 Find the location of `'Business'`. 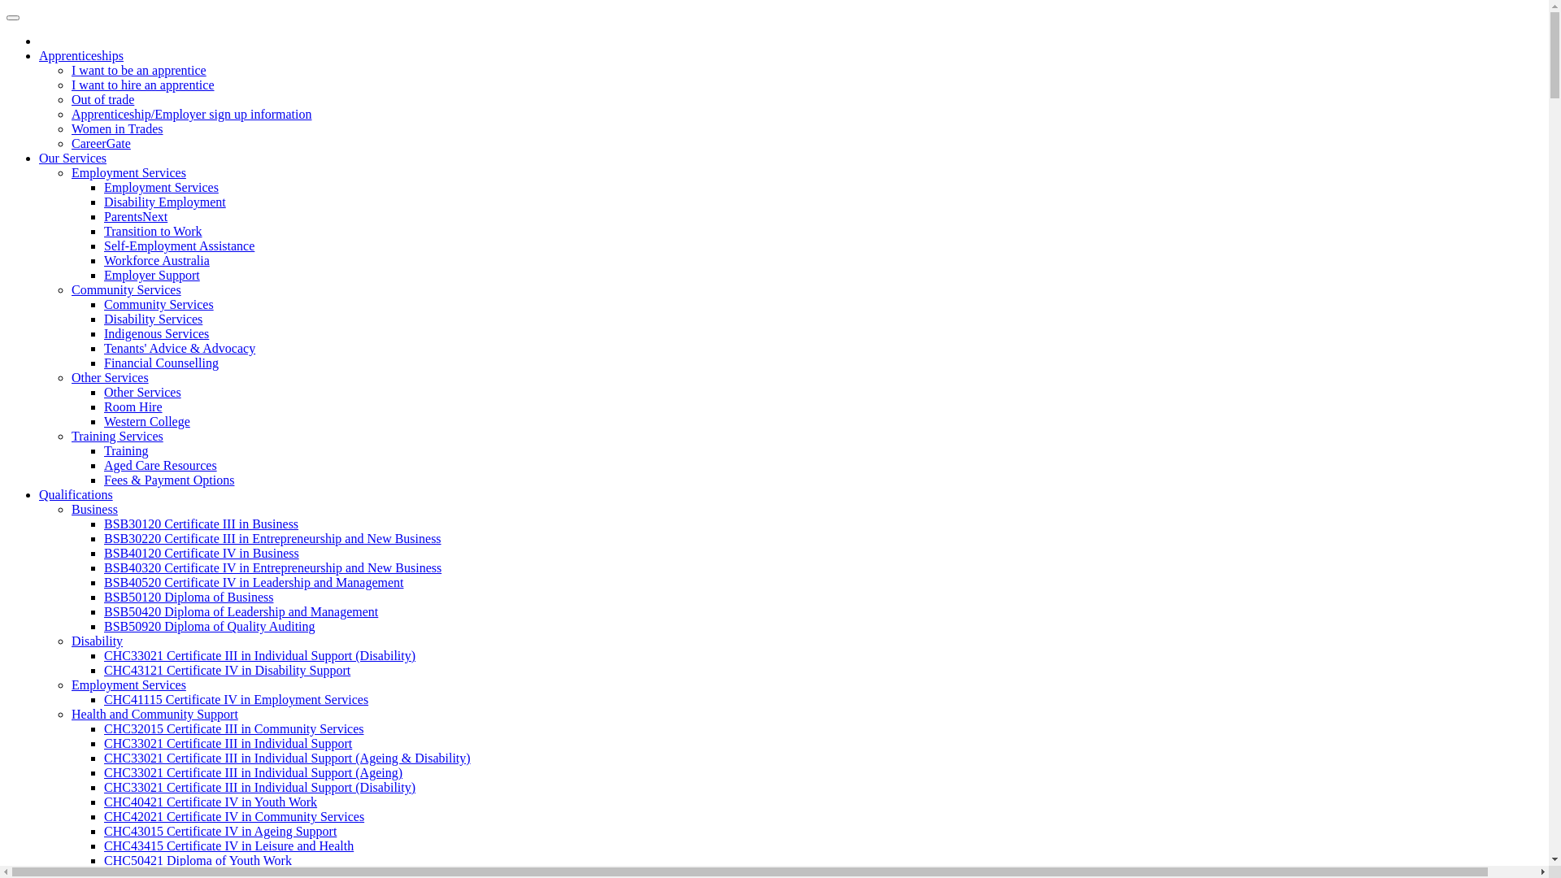

'Business' is located at coordinates (93, 508).